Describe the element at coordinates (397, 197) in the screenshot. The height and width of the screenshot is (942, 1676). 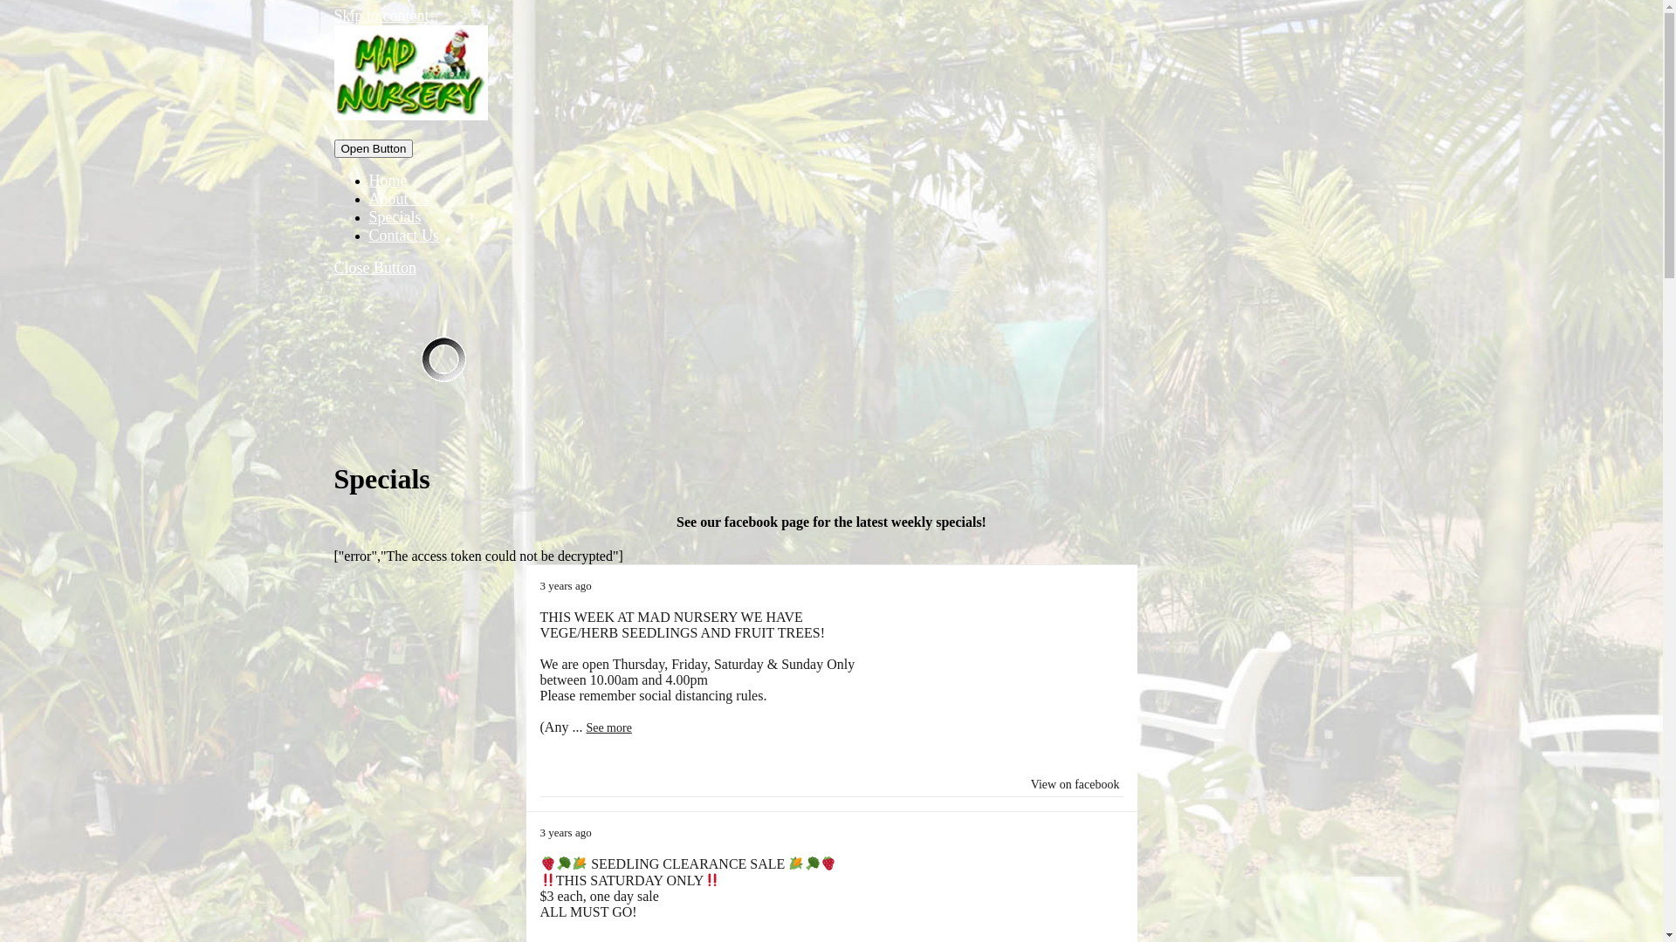
I see `'About Us'` at that location.